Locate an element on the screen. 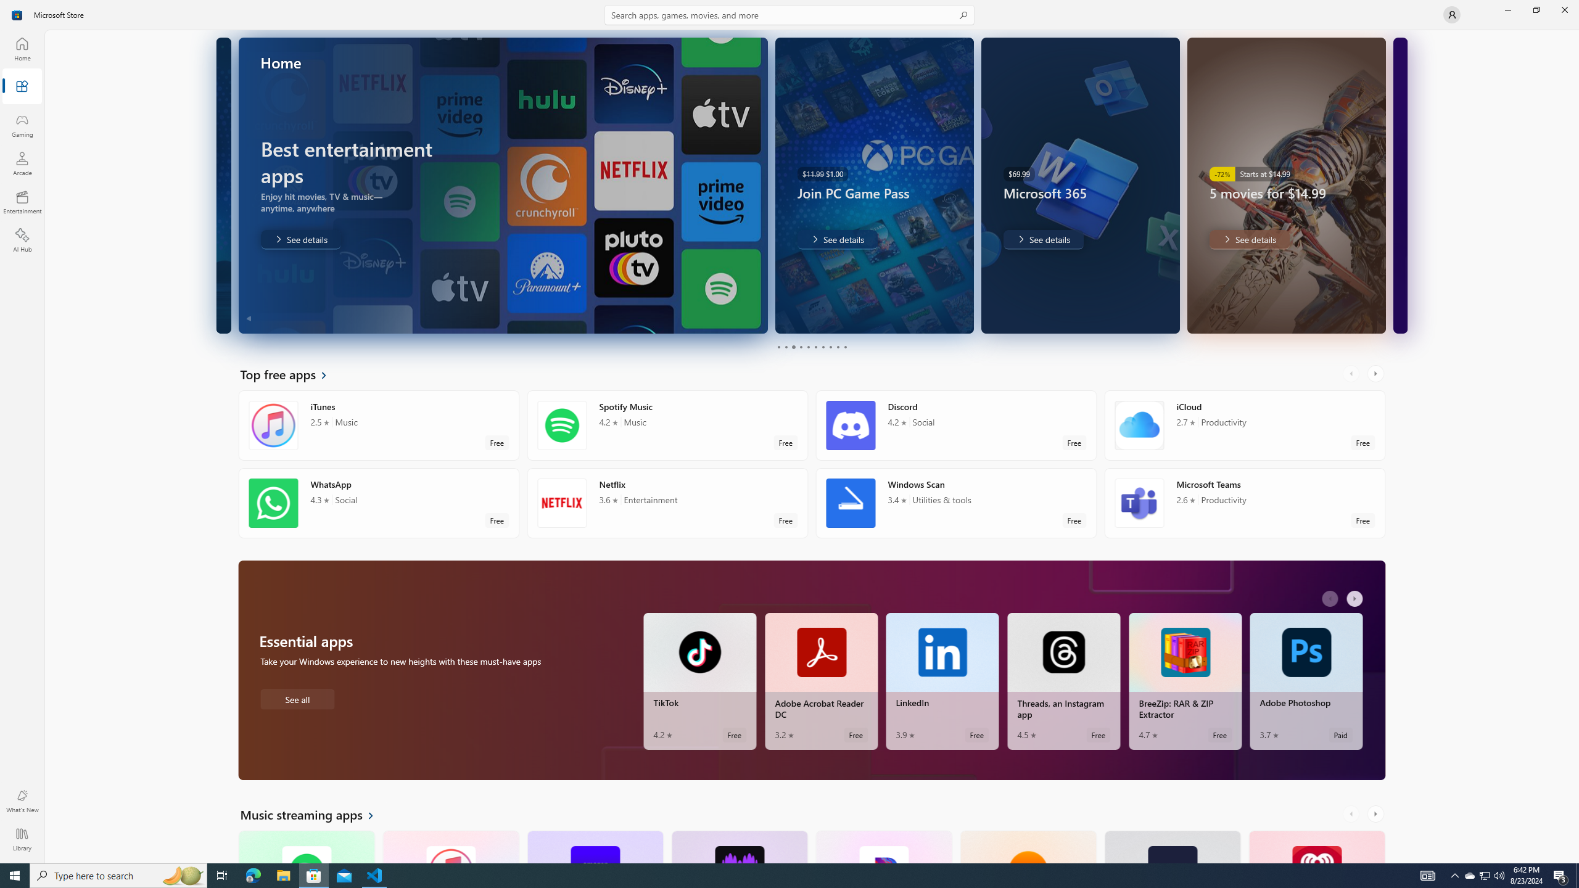 Image resolution: width=1579 pixels, height=888 pixels. 'What' is located at coordinates (21, 800).